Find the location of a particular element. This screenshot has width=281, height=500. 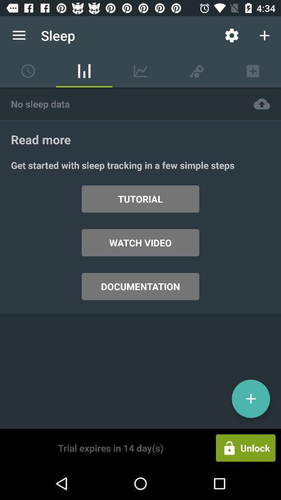

cloud is located at coordinates (261, 104).